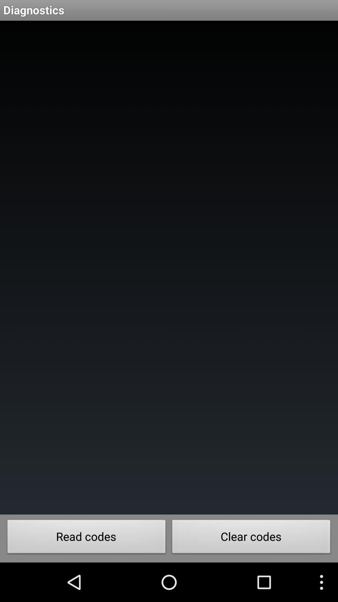 The width and height of the screenshot is (338, 602). What do you see at coordinates (169, 267) in the screenshot?
I see `icon at the center` at bounding box center [169, 267].